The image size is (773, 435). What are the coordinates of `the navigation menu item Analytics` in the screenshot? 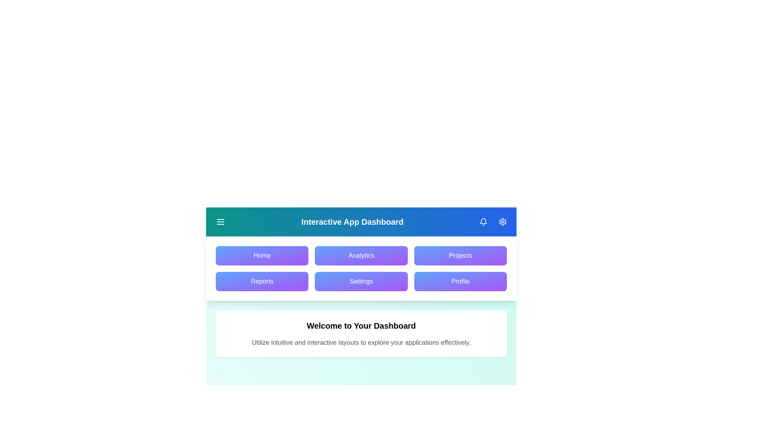 It's located at (361, 256).